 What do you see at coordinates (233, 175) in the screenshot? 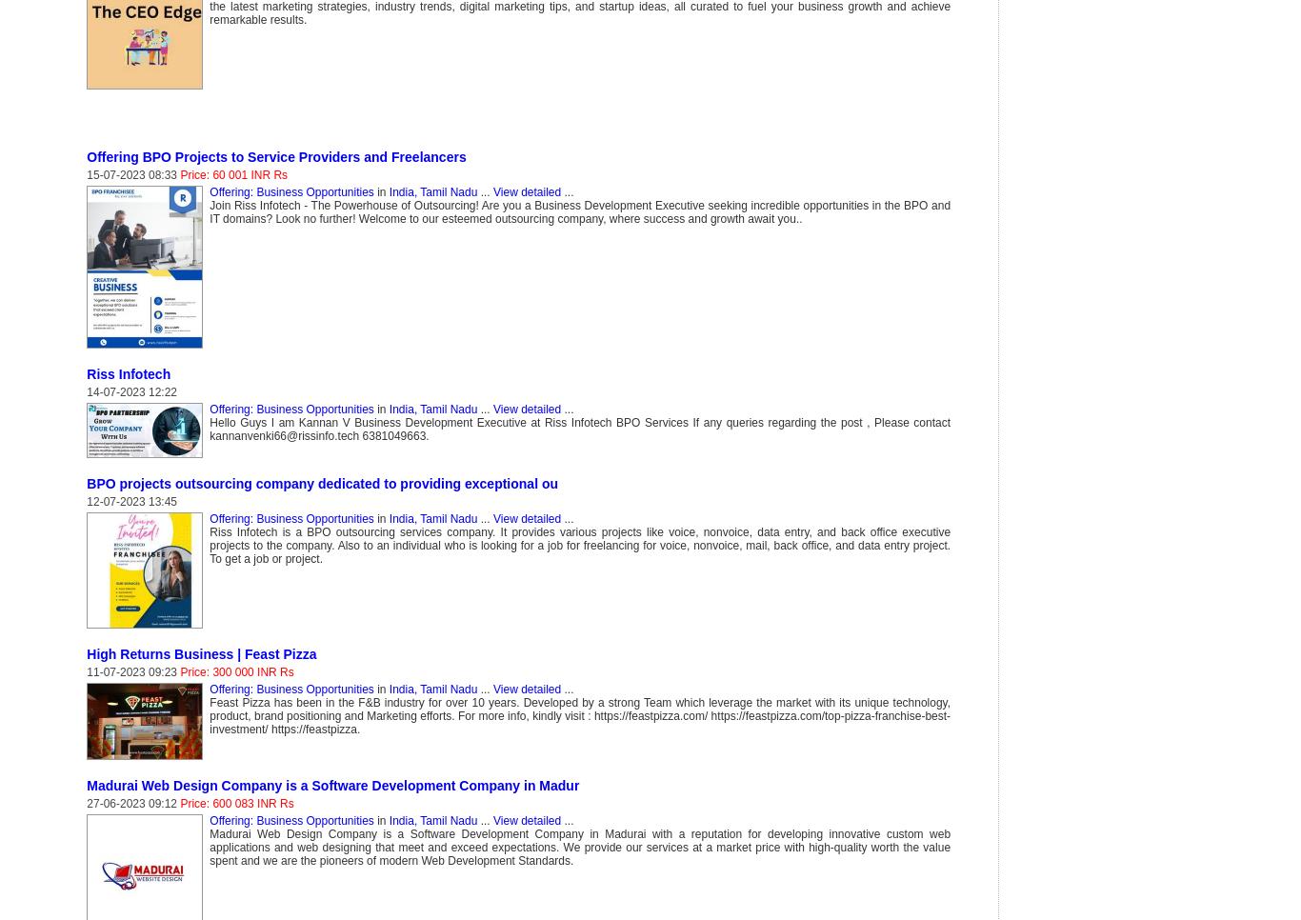
I see `'Price: 60 001 INR Rs'` at bounding box center [233, 175].